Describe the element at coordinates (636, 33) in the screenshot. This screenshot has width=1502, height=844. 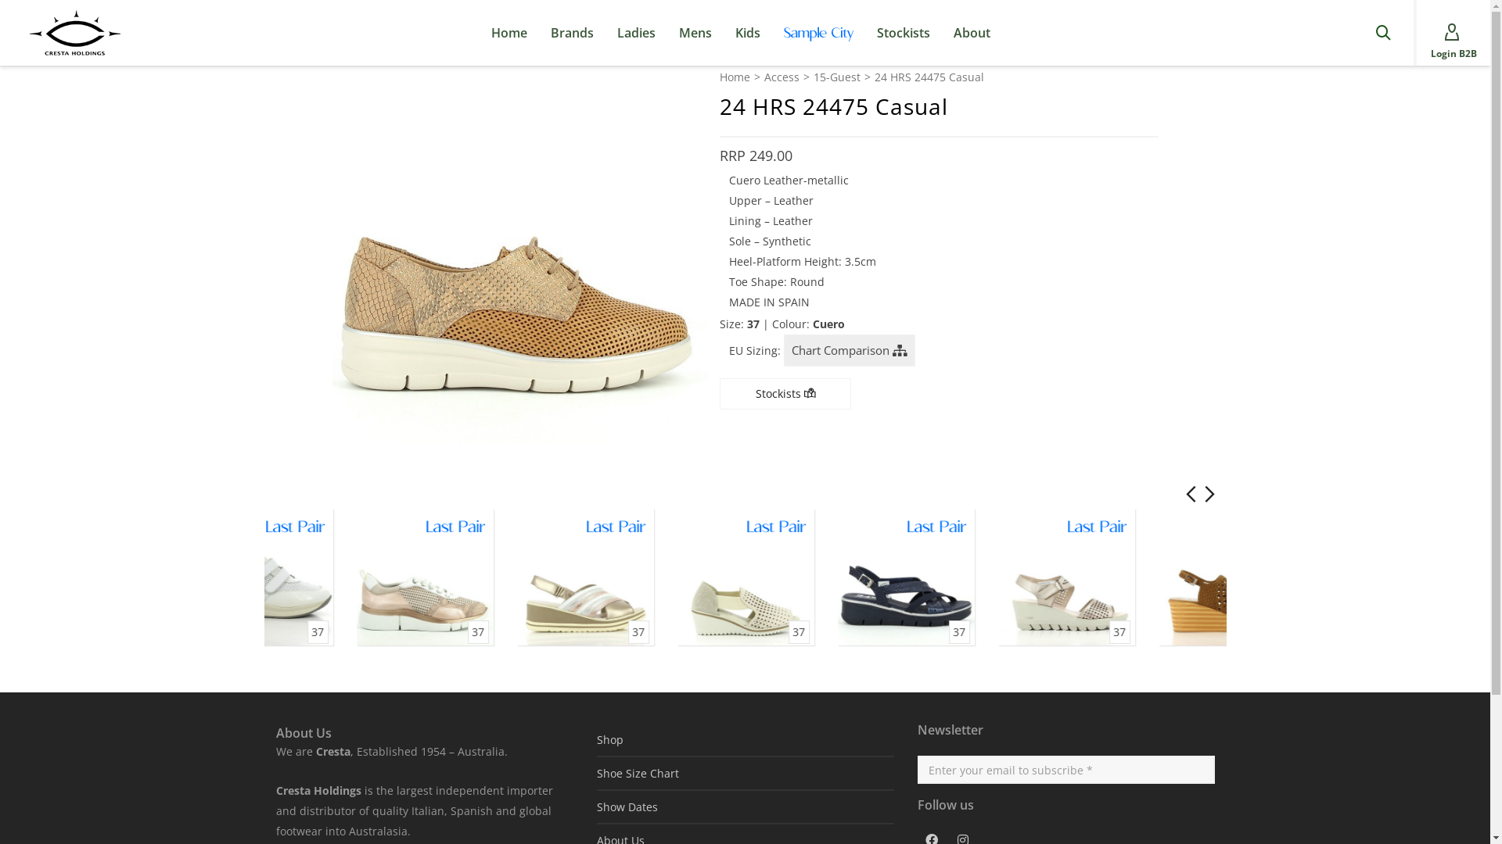
I see `'Ladies'` at that location.